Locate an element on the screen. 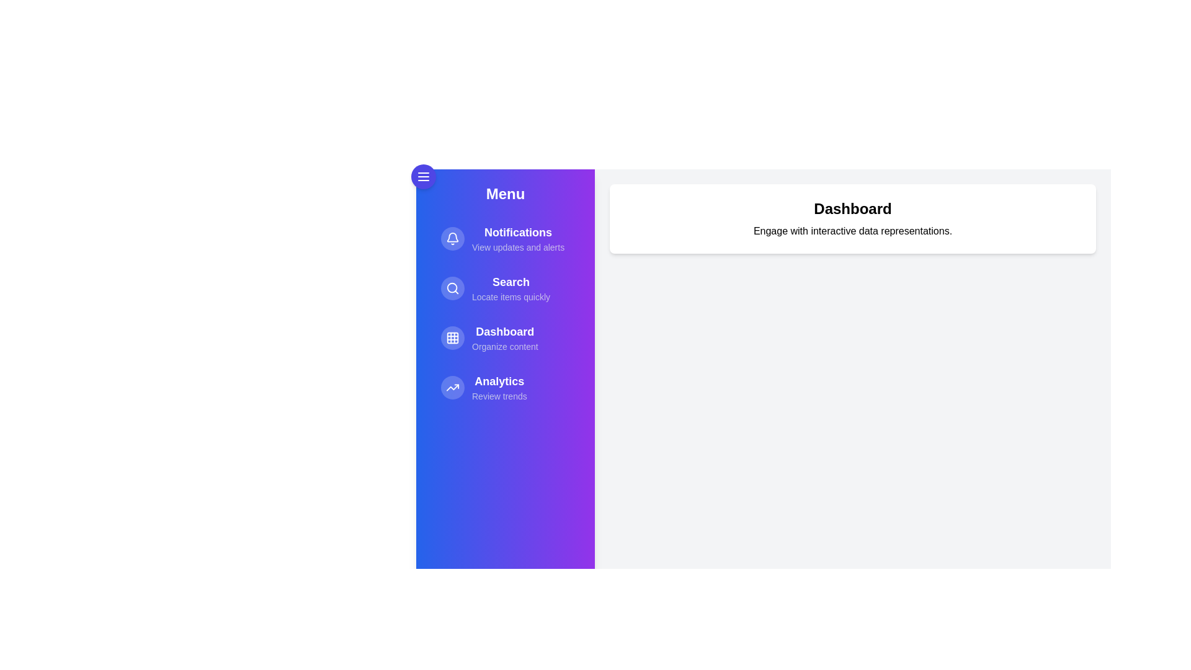  the menu item Search to navigate or perform its action is located at coordinates (506, 288).